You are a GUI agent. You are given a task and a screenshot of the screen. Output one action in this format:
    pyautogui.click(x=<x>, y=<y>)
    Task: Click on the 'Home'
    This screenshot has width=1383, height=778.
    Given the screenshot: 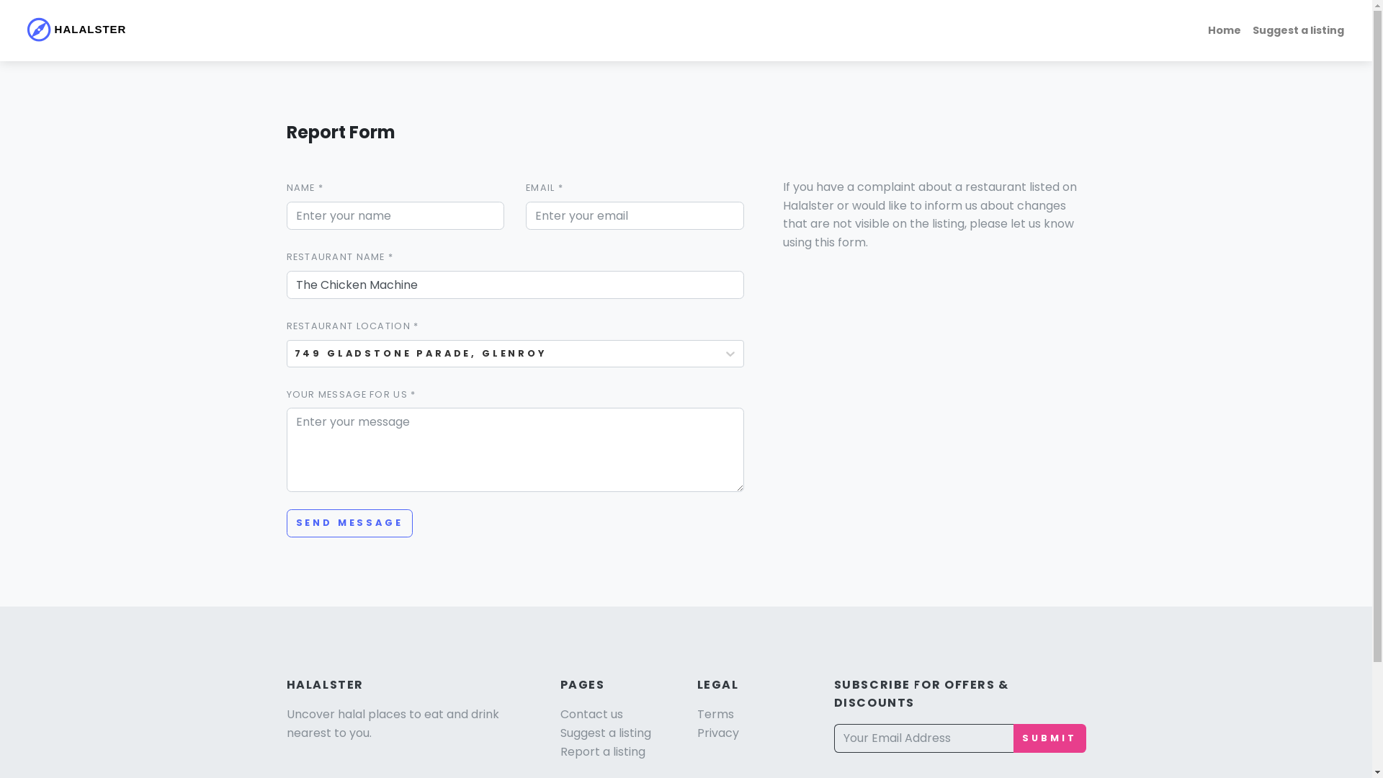 What is the action you would take?
    pyautogui.click(x=1223, y=30)
    